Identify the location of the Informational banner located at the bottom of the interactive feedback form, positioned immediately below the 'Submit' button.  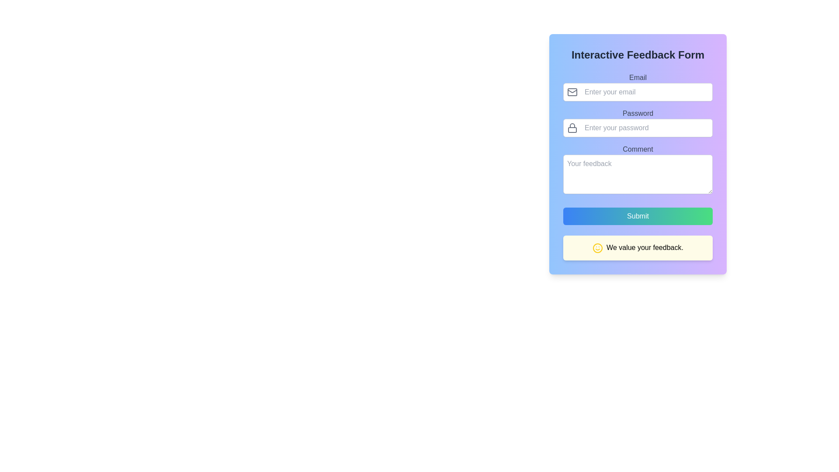
(638, 248).